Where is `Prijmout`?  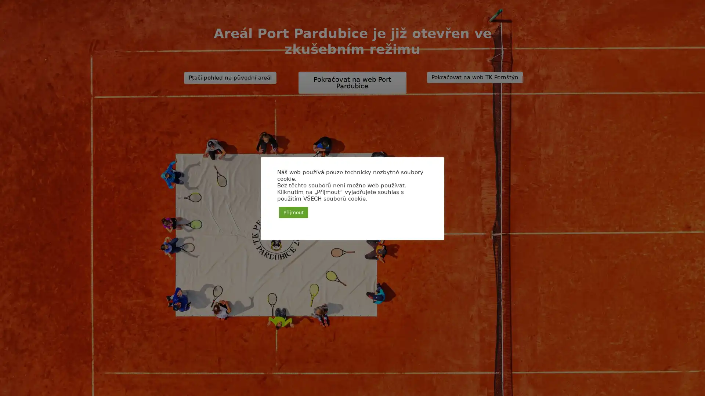 Prijmout is located at coordinates (293, 212).